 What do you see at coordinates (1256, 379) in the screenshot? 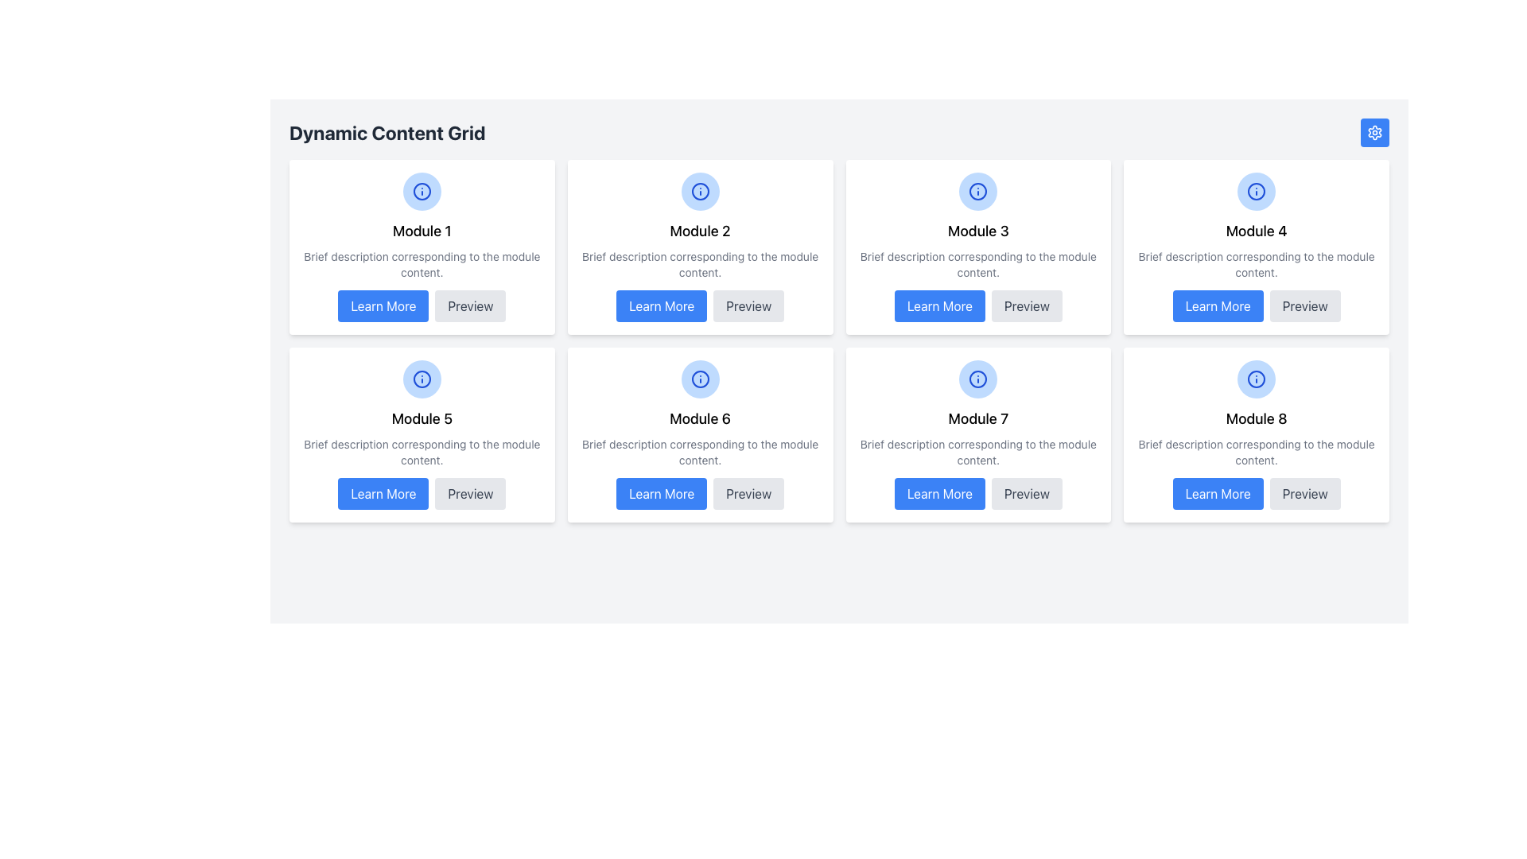
I see `the circular light blue icon with an information symbol located in the lower-right corner of the 'Module 8' card` at bounding box center [1256, 379].